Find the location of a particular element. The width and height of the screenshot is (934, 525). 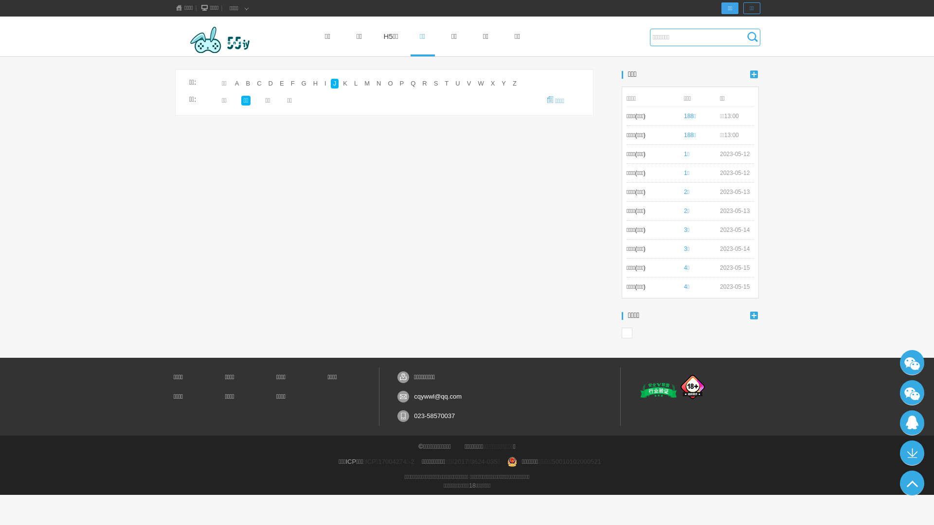

'X' is located at coordinates (493, 83).